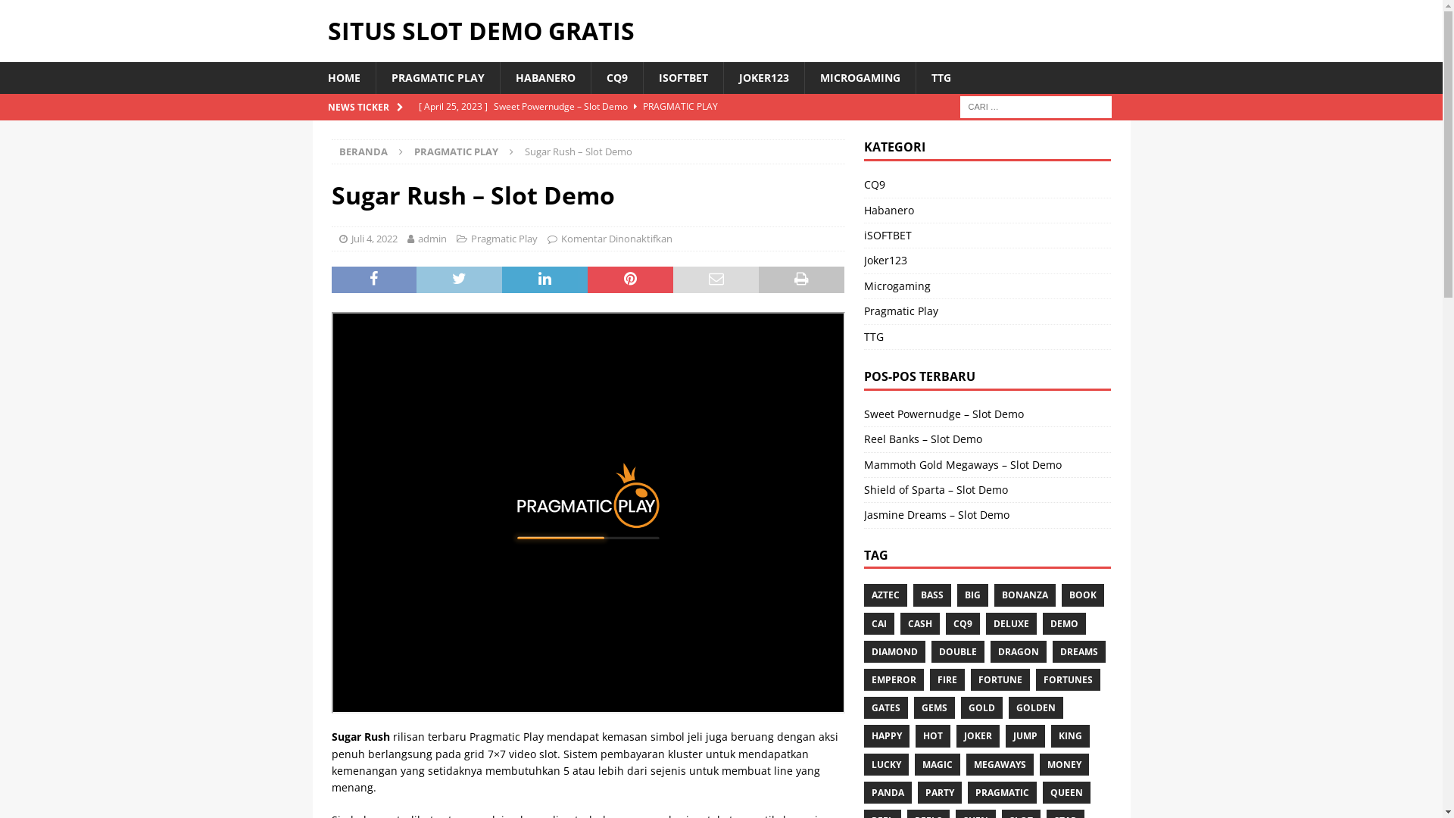 The width and height of the screenshot is (1454, 818). What do you see at coordinates (545, 78) in the screenshot?
I see `'HABANERO'` at bounding box center [545, 78].